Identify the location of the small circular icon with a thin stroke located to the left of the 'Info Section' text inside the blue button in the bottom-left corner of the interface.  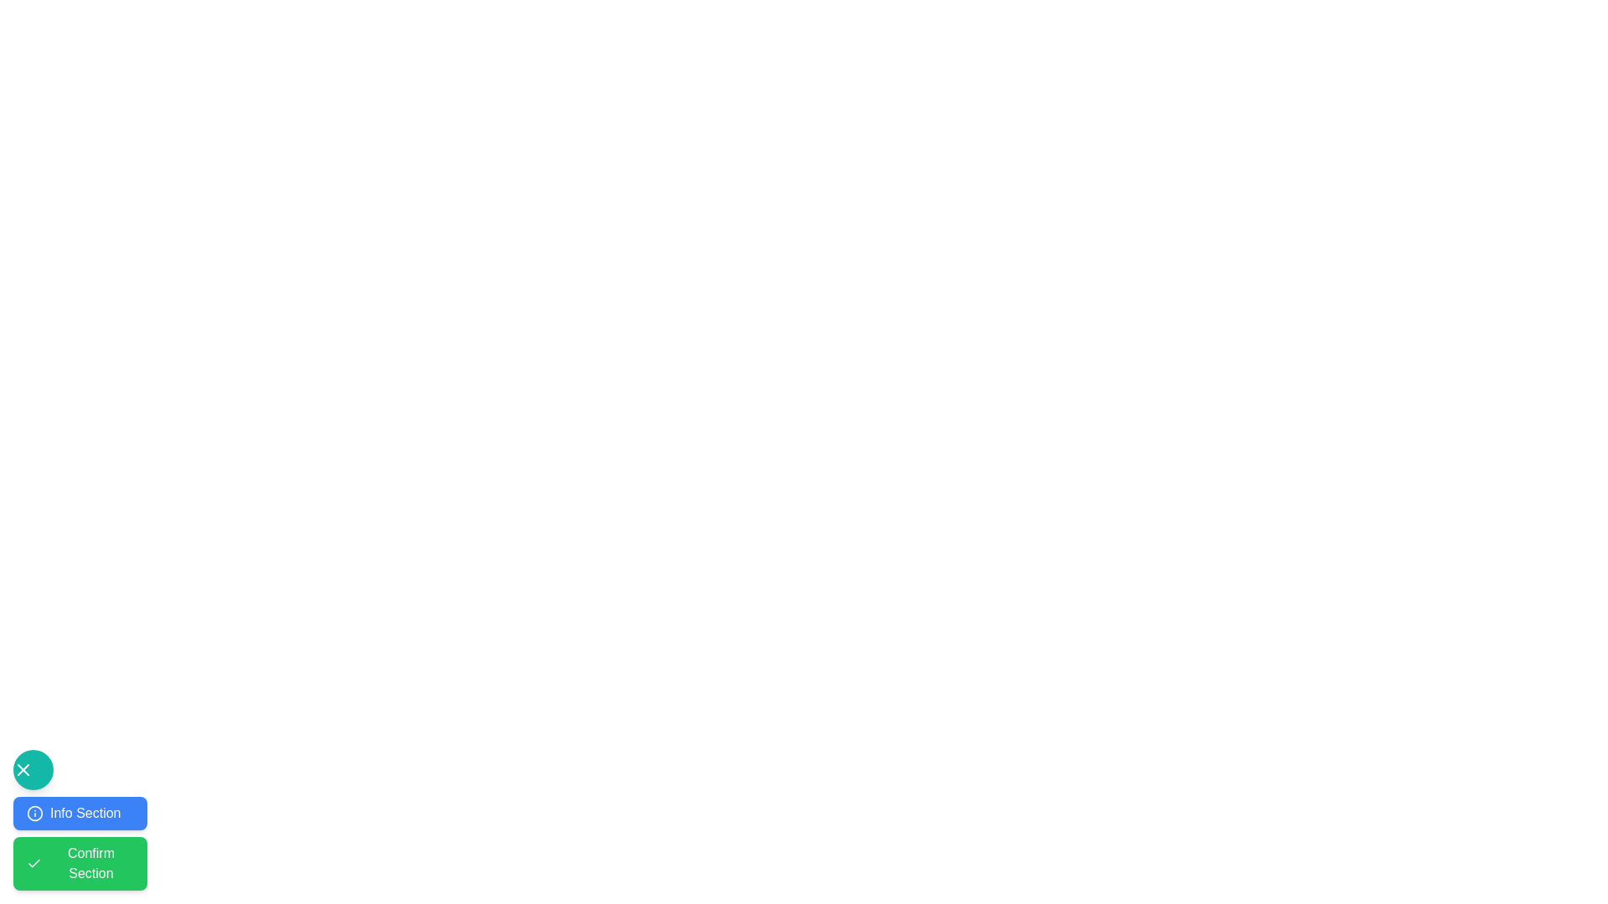
(35, 813).